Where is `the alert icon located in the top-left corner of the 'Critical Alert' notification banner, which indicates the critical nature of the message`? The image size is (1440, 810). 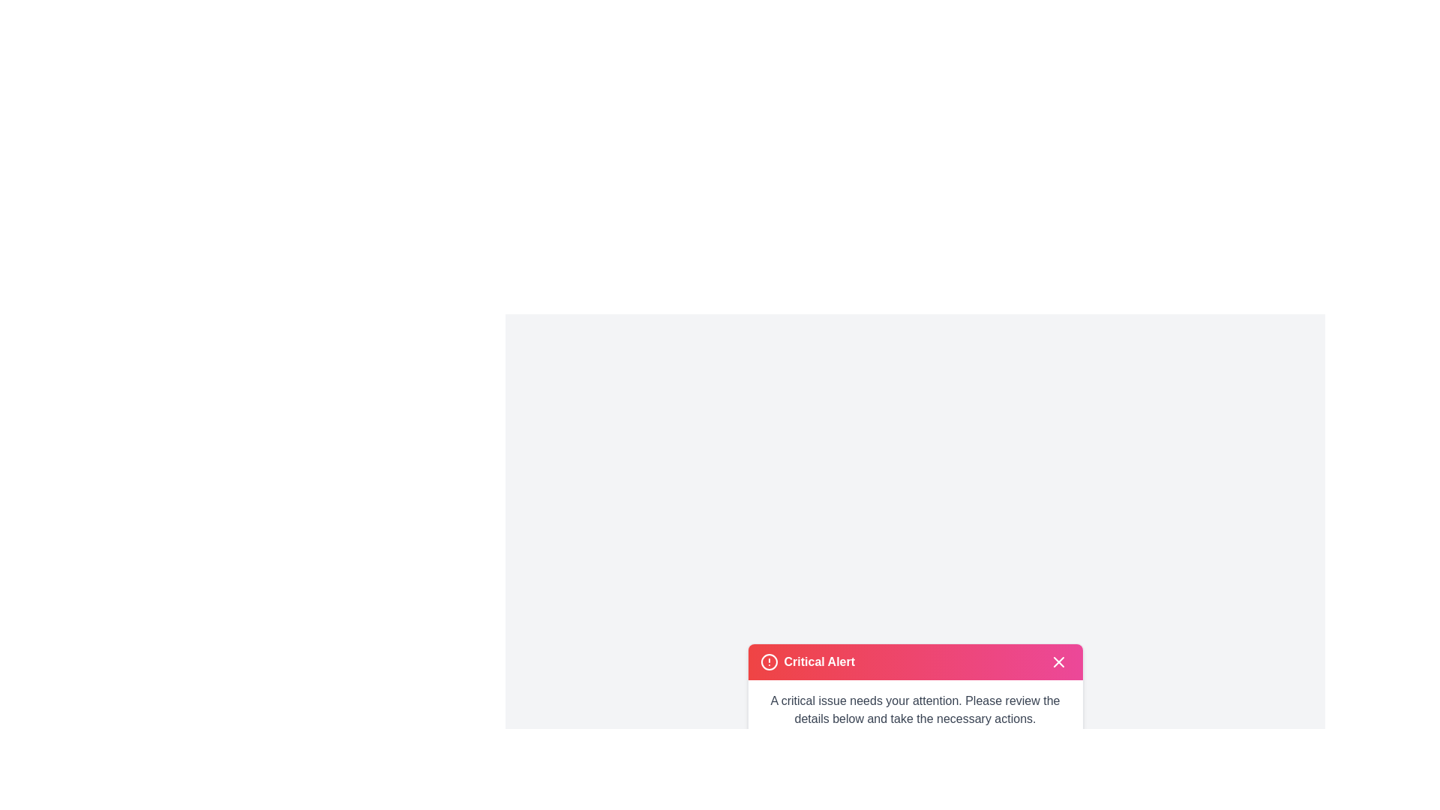
the alert icon located in the top-left corner of the 'Critical Alert' notification banner, which indicates the critical nature of the message is located at coordinates (769, 661).